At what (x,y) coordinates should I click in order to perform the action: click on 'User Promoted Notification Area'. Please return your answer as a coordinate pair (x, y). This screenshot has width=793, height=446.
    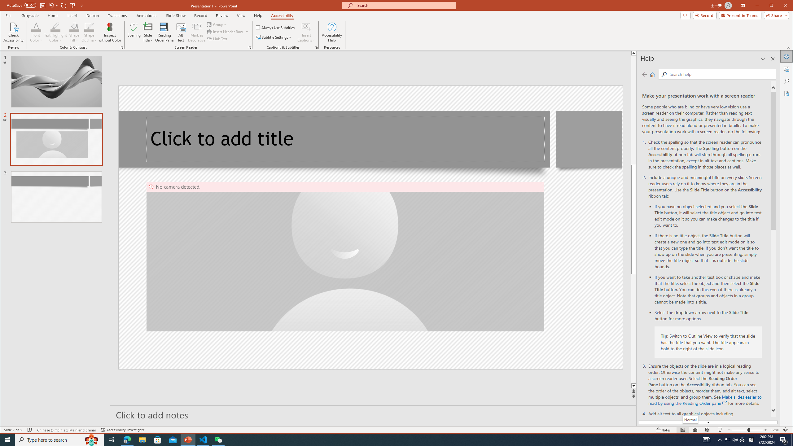
    Looking at the image, I should click on (742, 439).